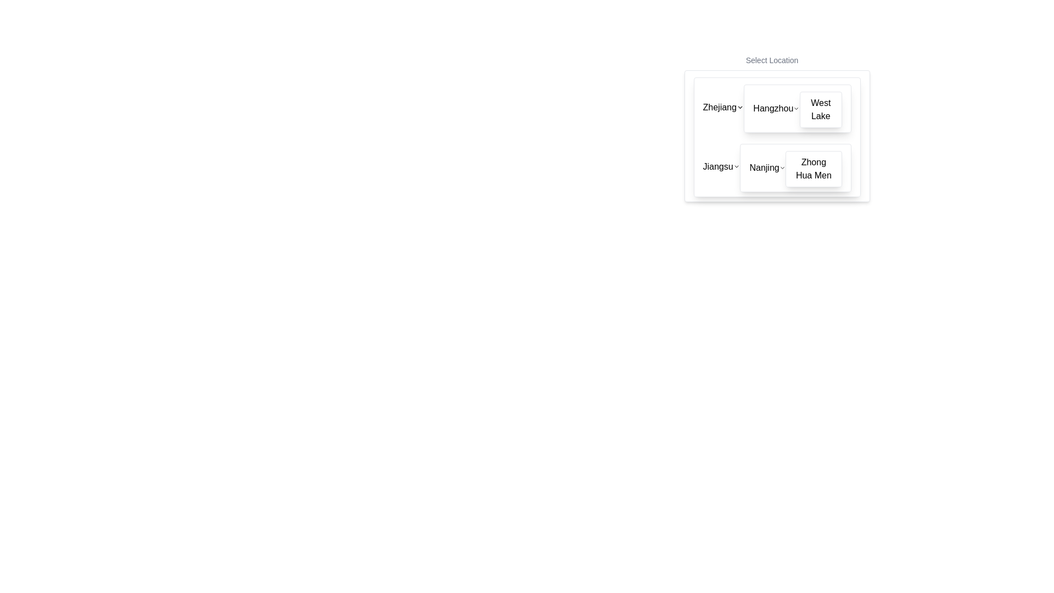  Describe the element at coordinates (798, 108) in the screenshot. I see `the Expandable menu item for 'West Lake' located in the 'Hangzhou' section` at that location.